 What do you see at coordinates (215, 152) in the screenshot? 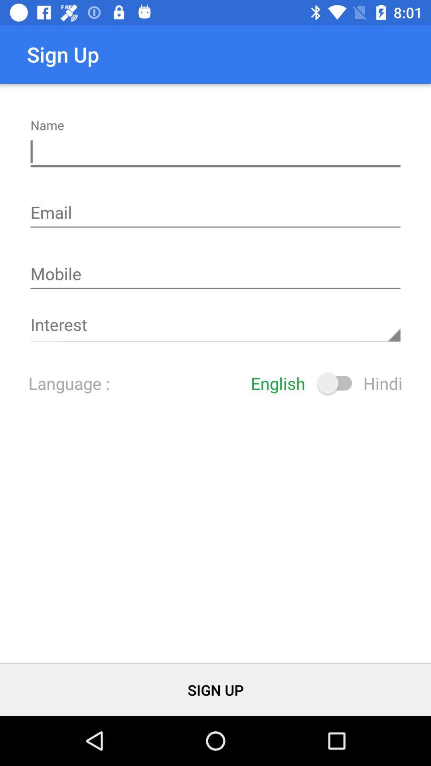
I see `click in the name box` at bounding box center [215, 152].